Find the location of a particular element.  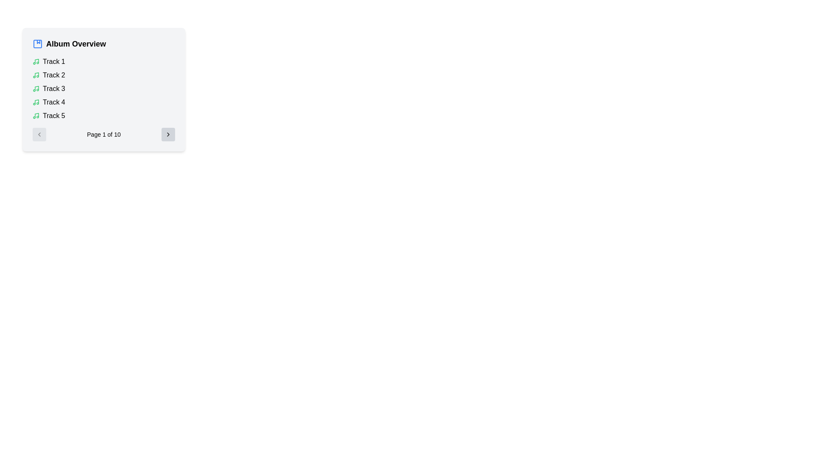

the music track icon located to the left of the text 'Track 5' is located at coordinates (36, 116).